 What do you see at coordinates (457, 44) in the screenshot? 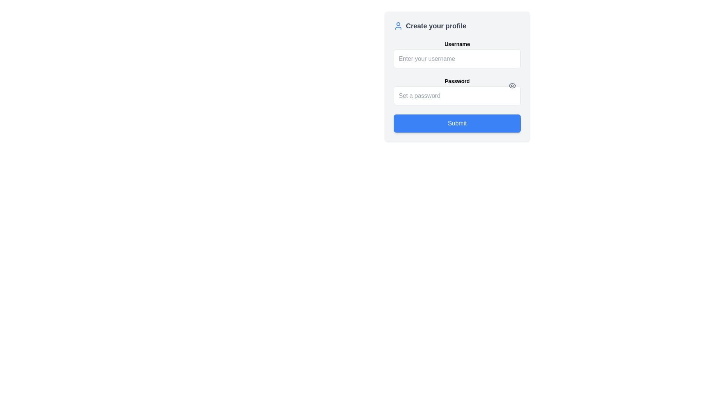
I see `the label element that describes the purpose of the adjacent input field for entering a username, located near the top section of the form layout` at bounding box center [457, 44].